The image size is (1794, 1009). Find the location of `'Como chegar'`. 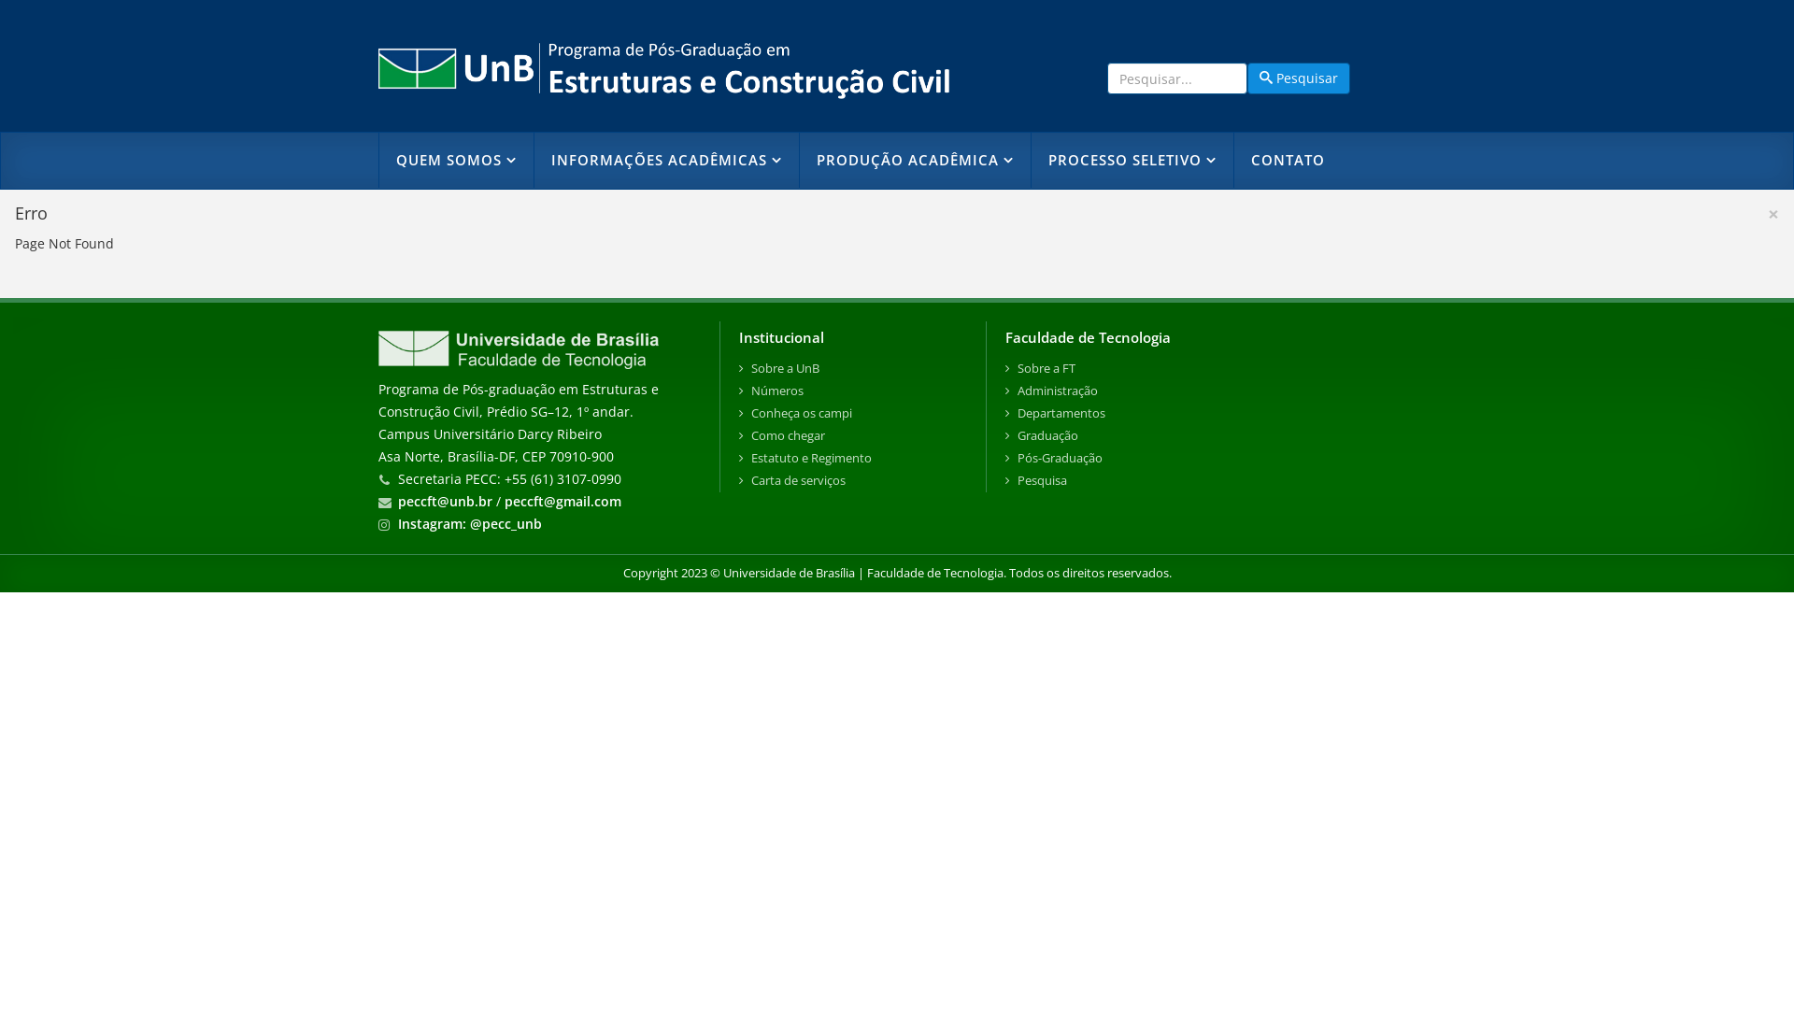

'Como chegar' is located at coordinates (738, 435).